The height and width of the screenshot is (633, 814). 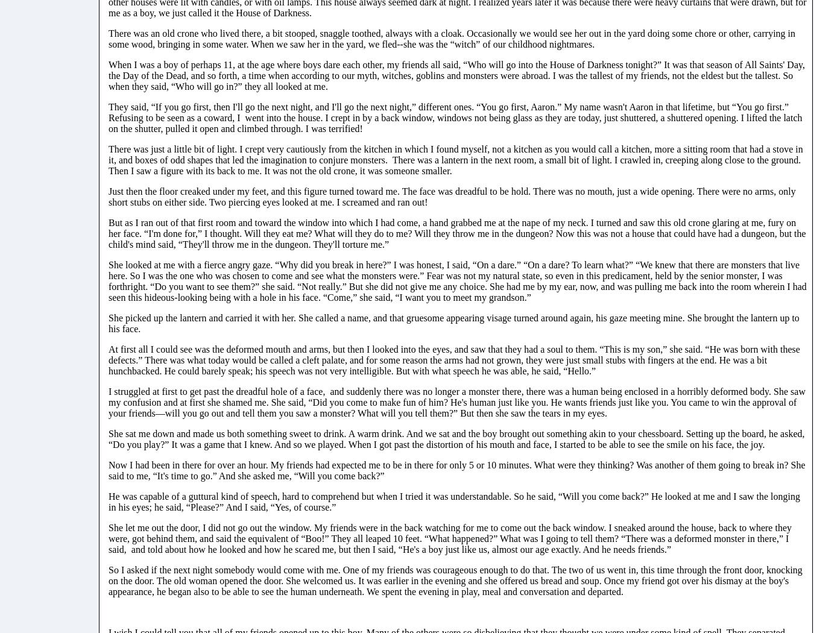 What do you see at coordinates (451, 196) in the screenshot?
I see `'Just then the floor creaked under my feet, and this figure turned toward me. The face was dreadful to be hold. There was no mouth, just a wide opening. There were no arms, only short stubs on either side. Two piercing eyes looked at me. I screamed and ran out!'` at bounding box center [451, 196].